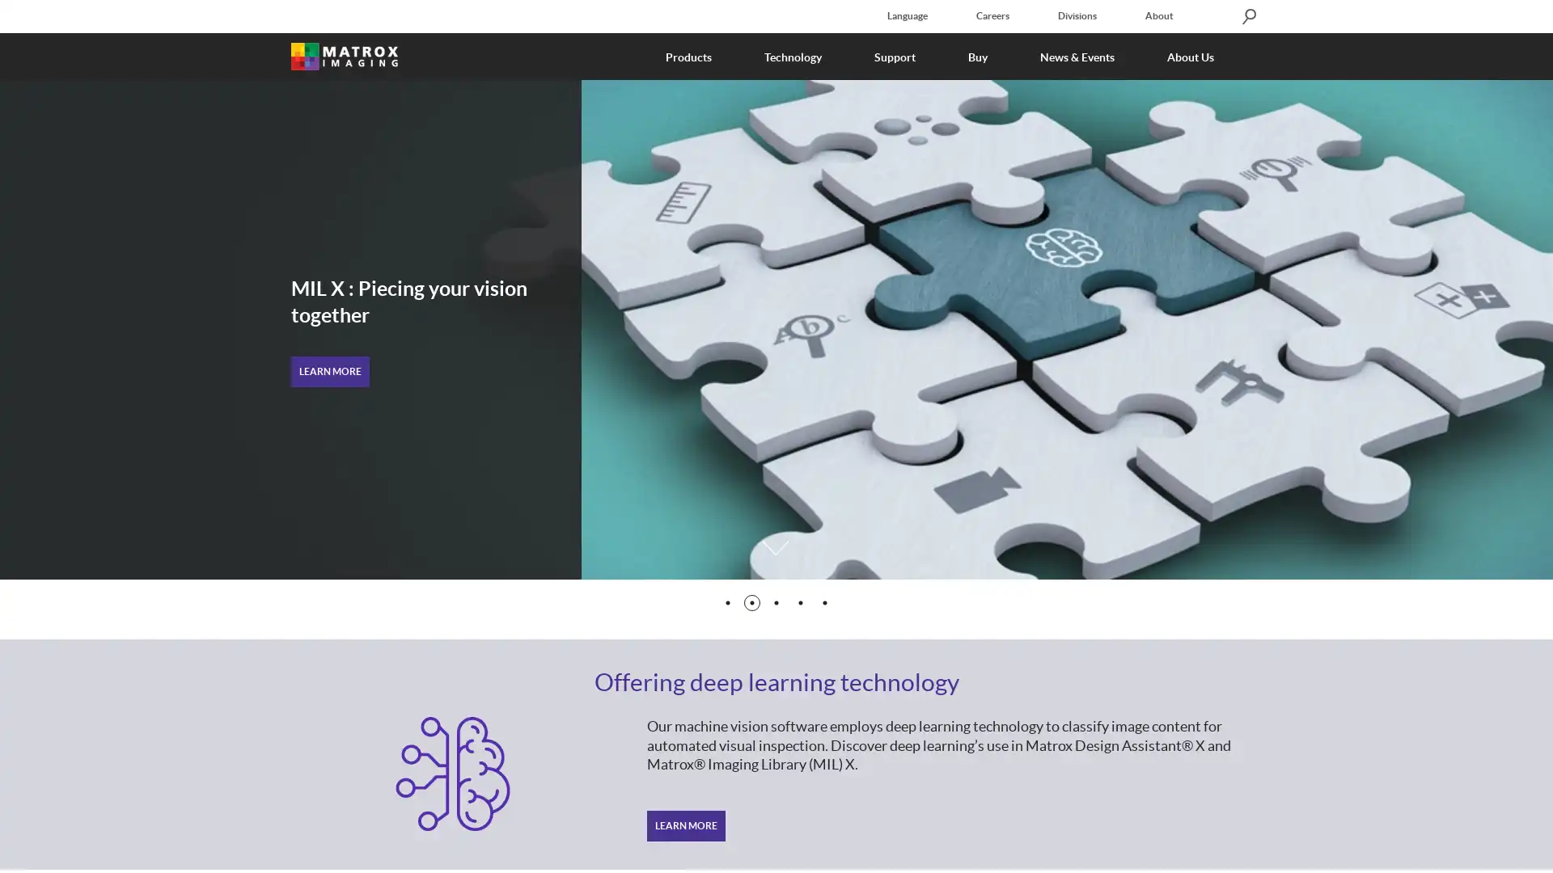  What do you see at coordinates (776, 602) in the screenshot?
I see `3` at bounding box center [776, 602].